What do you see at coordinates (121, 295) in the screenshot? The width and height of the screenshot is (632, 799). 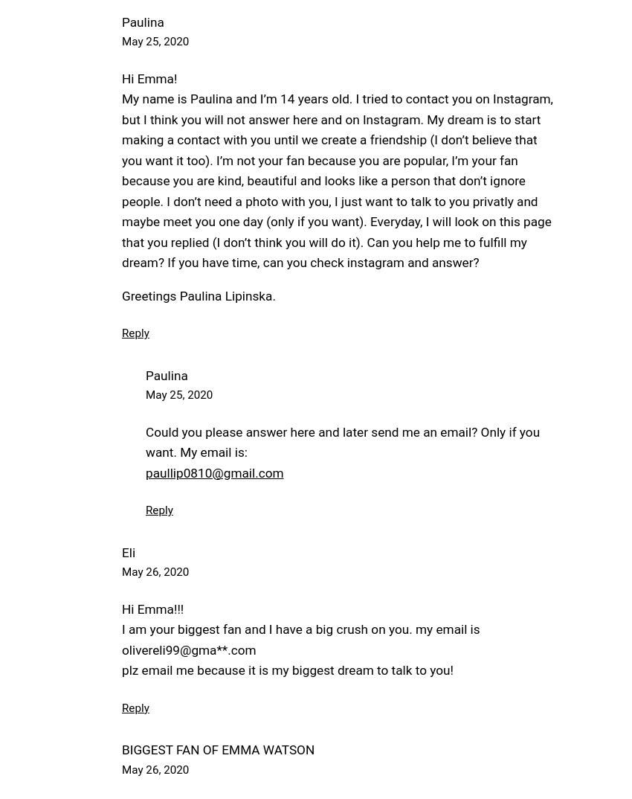 I see `'Greetings Paulina Lipinska.'` at bounding box center [121, 295].